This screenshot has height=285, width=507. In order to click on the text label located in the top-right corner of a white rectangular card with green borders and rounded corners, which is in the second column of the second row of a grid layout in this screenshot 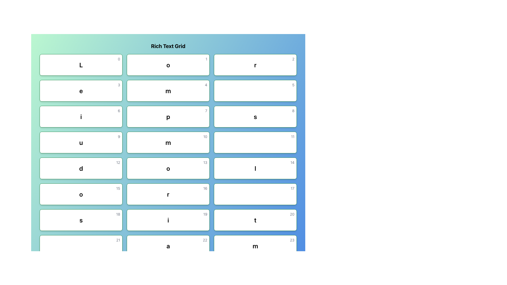, I will do `click(293, 84)`.